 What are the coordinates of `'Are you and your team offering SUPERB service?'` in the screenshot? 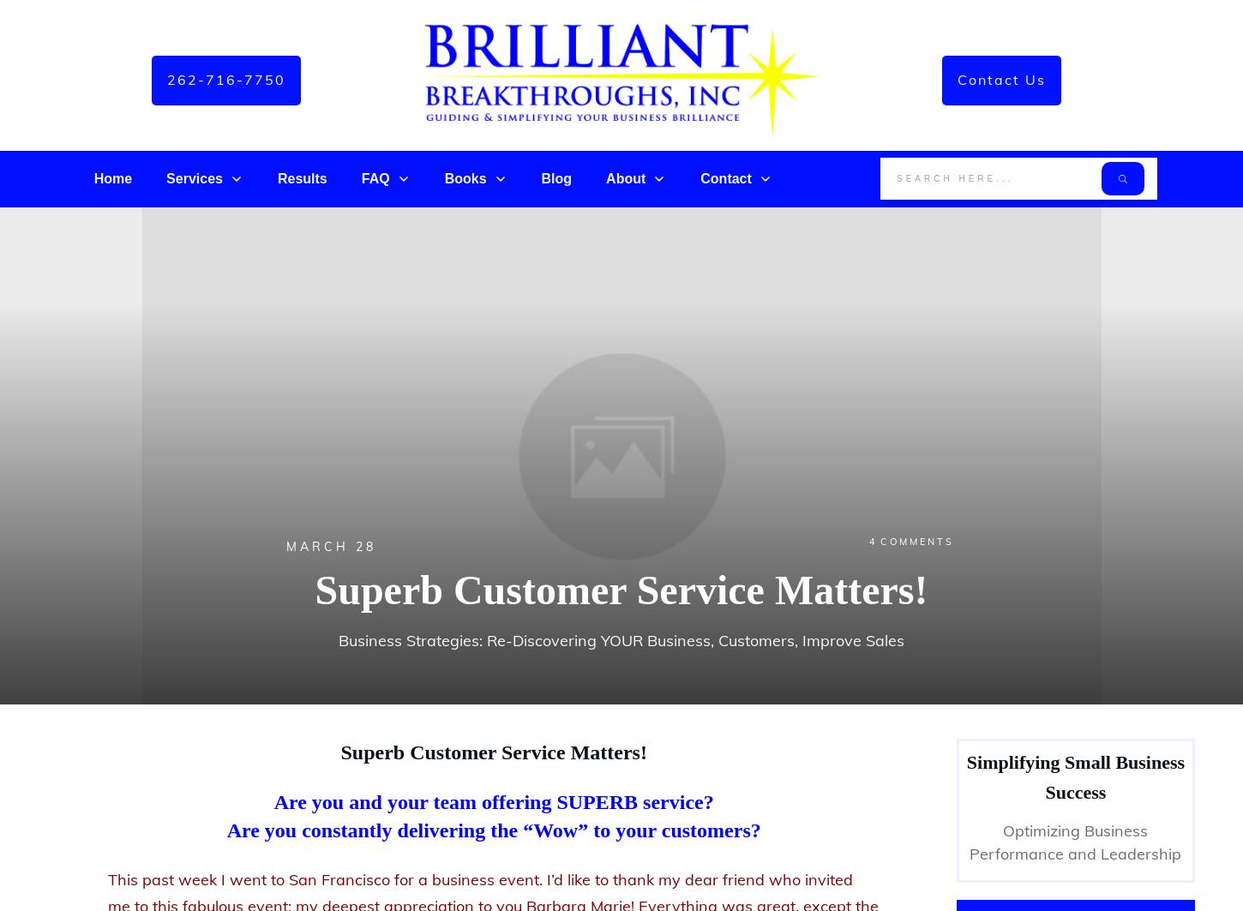 It's located at (273, 800).